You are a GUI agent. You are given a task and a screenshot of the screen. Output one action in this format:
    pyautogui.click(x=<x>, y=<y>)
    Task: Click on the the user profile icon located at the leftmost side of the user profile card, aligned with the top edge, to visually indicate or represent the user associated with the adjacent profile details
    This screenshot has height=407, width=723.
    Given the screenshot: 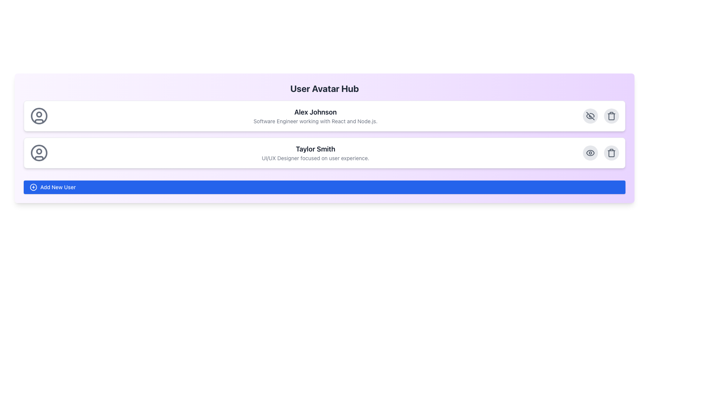 What is the action you would take?
    pyautogui.click(x=39, y=116)
    